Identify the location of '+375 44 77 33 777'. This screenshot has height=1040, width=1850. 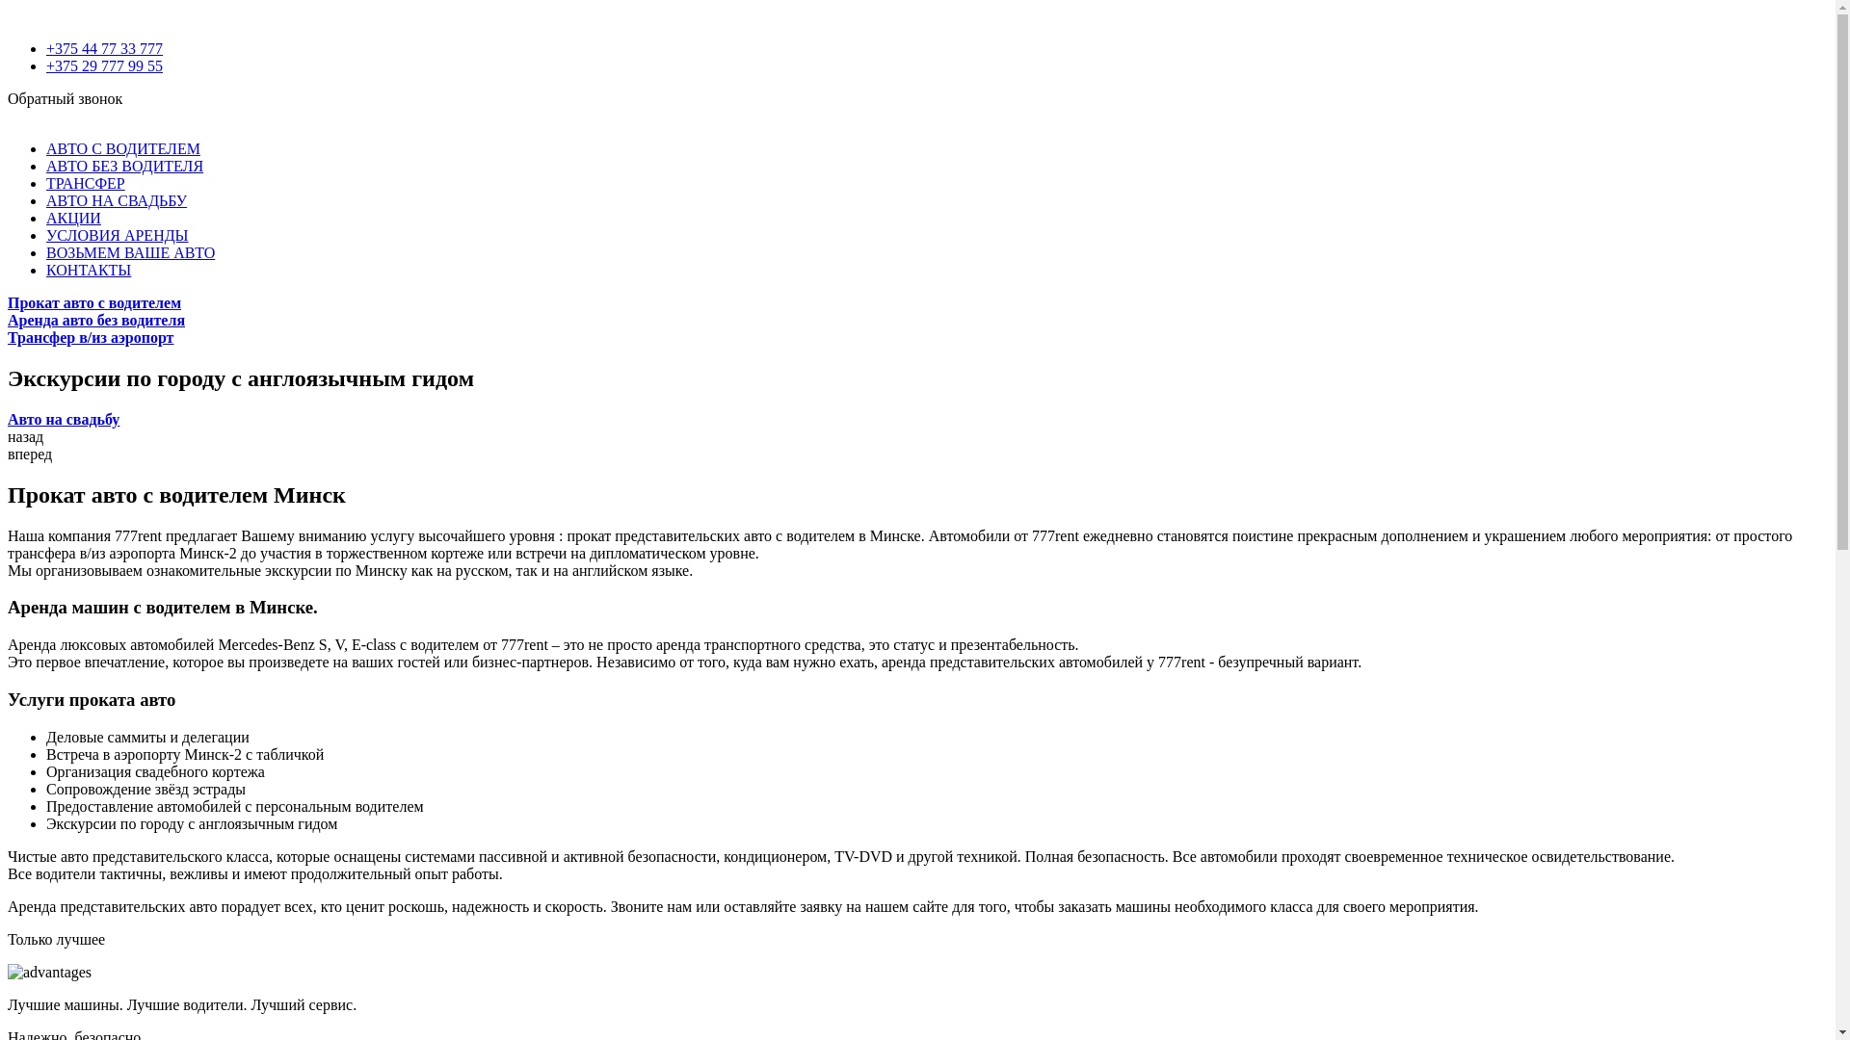
(46, 47).